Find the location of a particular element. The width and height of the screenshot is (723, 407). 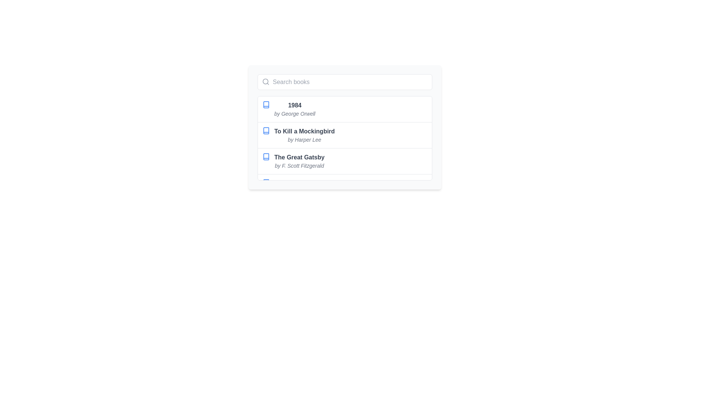

the text label displaying 'To Kill a Mockingbird', which is in bold font and medium gray color, positioned above the author's name in a vertical list of books is located at coordinates (304, 131).